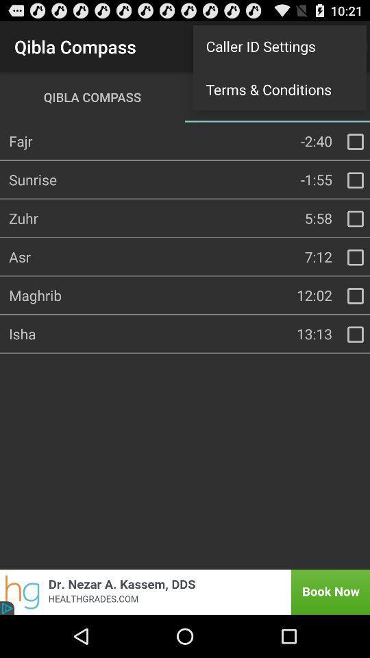  Describe the element at coordinates (355, 141) in the screenshot. I see `check mark box` at that location.